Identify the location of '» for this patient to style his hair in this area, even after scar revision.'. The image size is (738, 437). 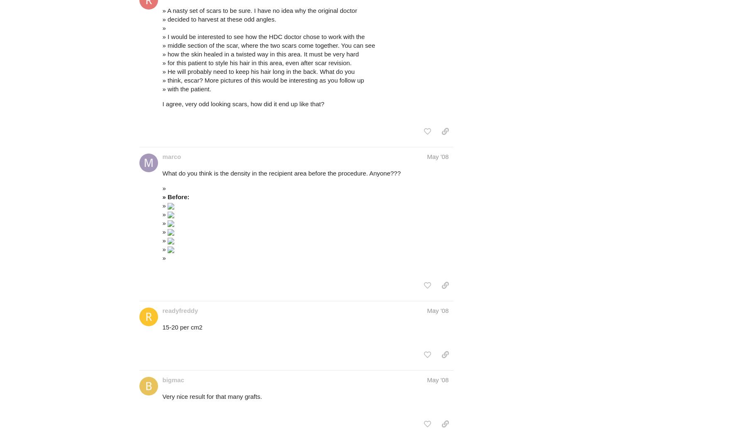
(162, 62).